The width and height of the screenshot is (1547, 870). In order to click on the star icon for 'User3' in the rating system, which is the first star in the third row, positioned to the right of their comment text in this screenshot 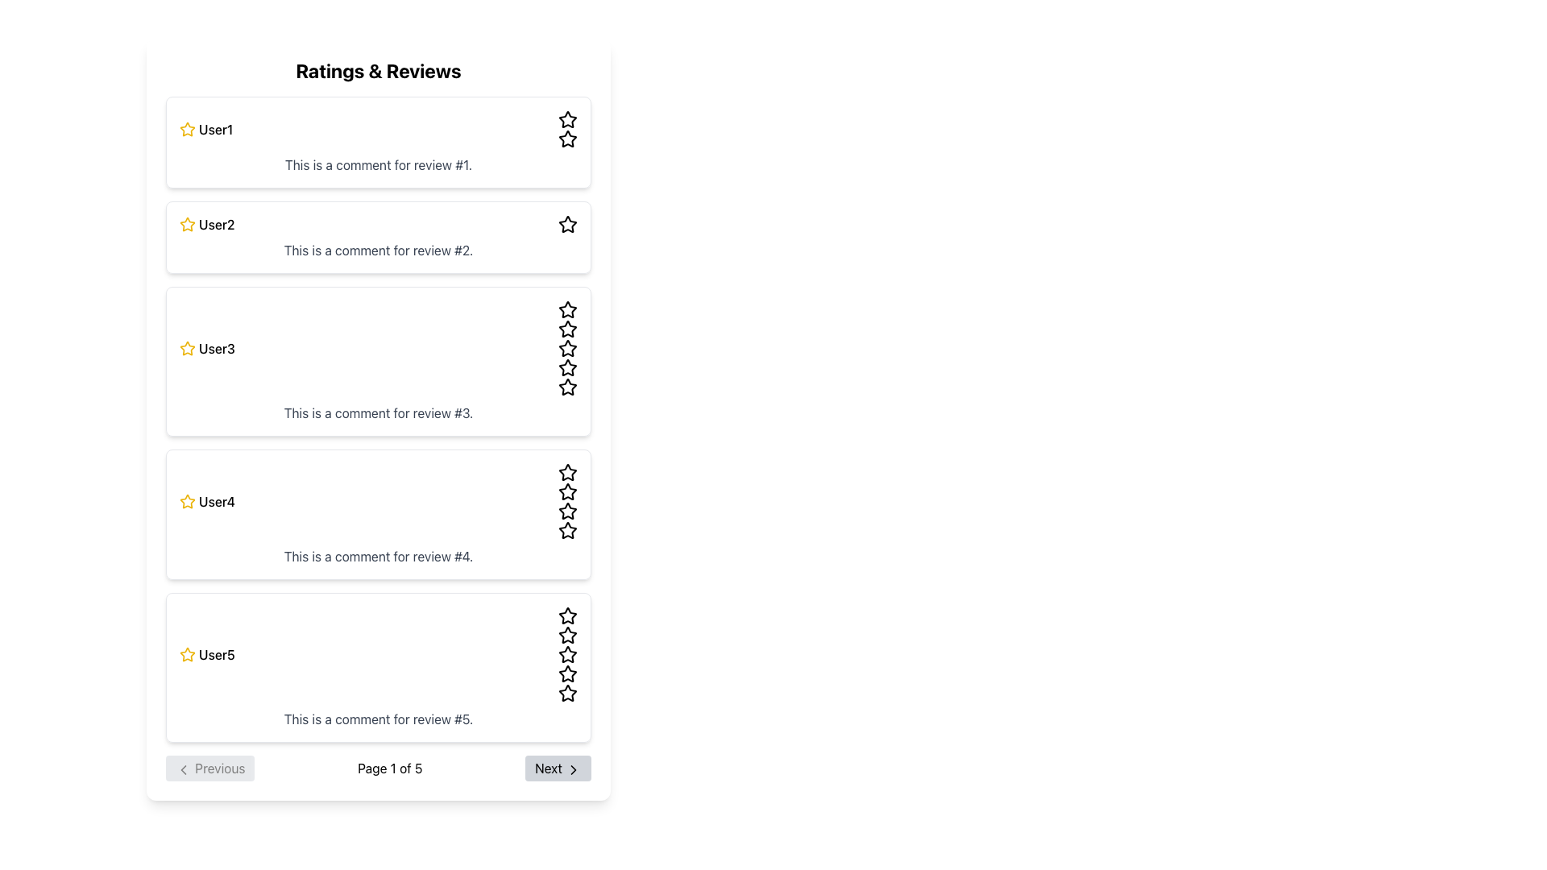, I will do `click(568, 310)`.